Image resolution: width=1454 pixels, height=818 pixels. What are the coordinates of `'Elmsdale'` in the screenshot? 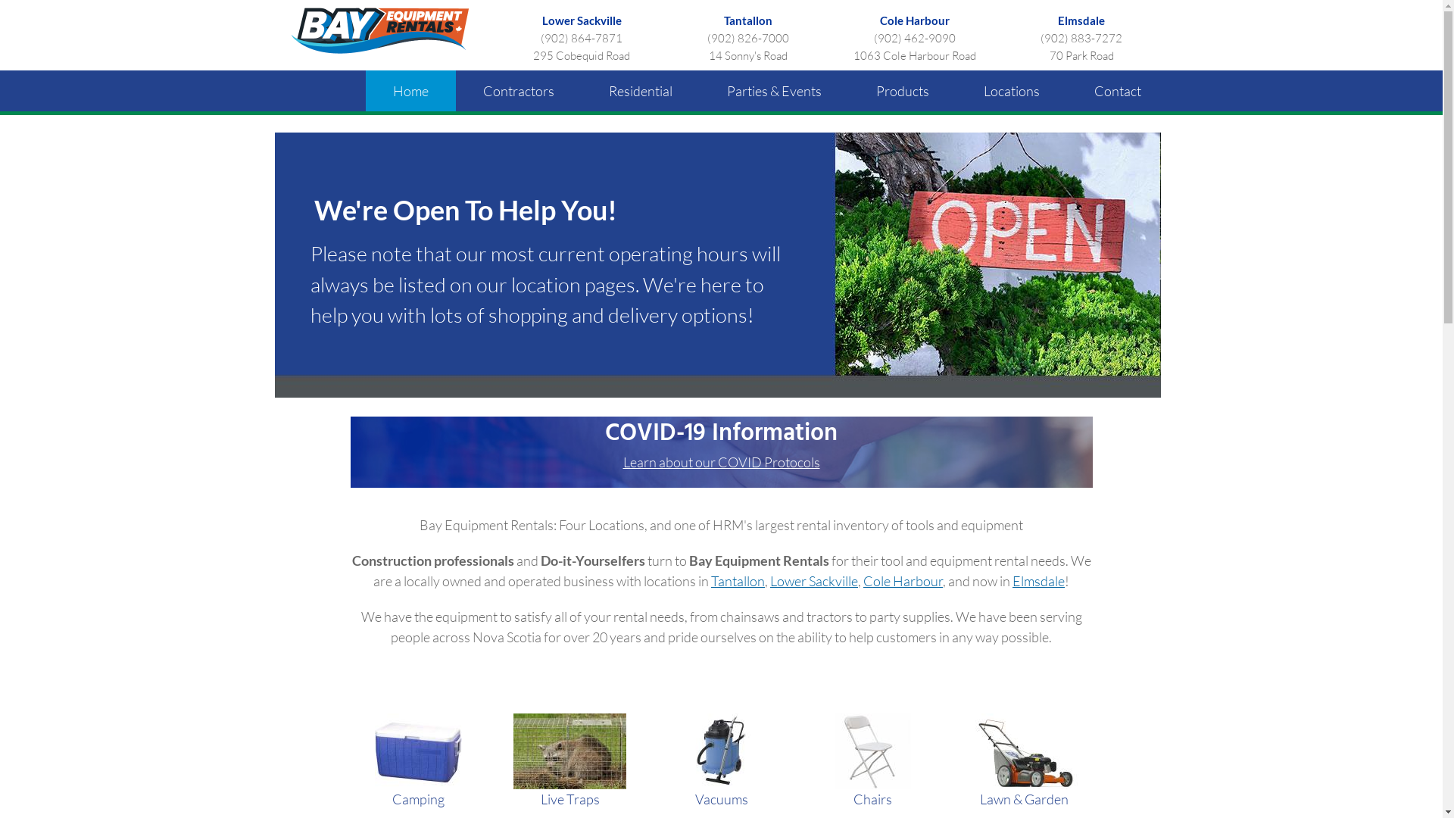 It's located at (1081, 20).